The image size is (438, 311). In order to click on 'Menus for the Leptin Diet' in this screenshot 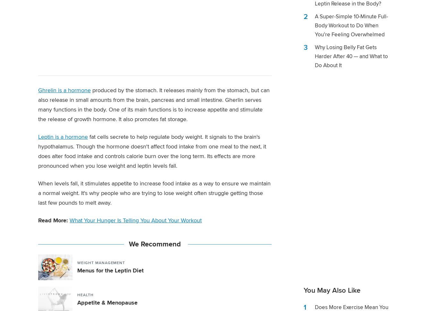, I will do `click(110, 270)`.